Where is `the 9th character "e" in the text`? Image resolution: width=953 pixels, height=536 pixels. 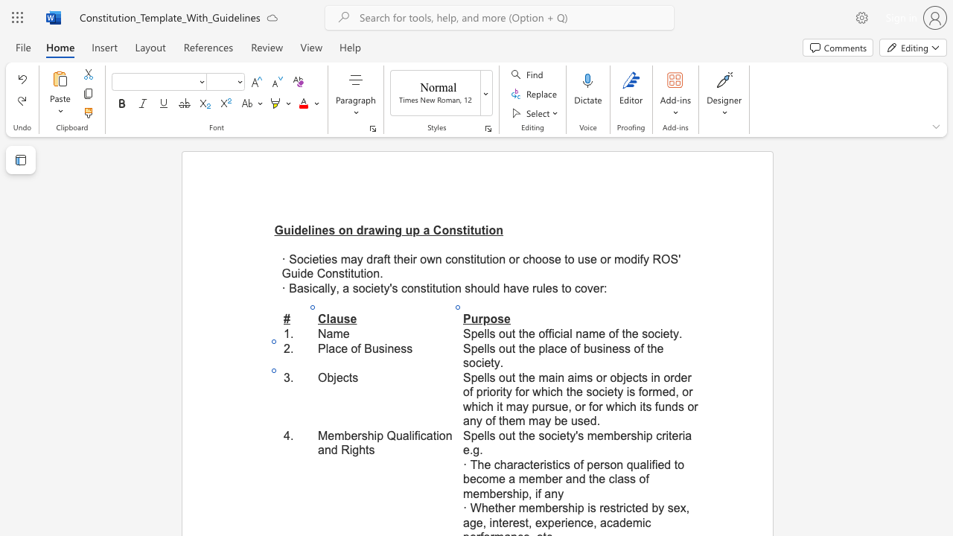
the 9th character "e" in the text is located at coordinates (511, 421).